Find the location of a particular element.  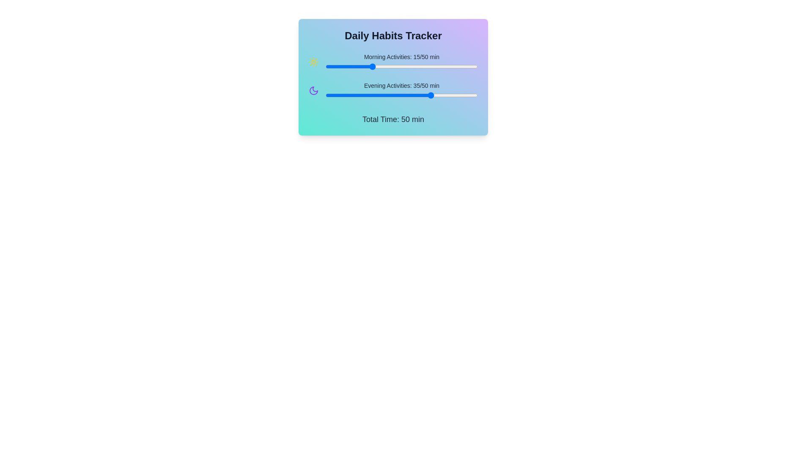

the evening activity time is located at coordinates (408, 95).